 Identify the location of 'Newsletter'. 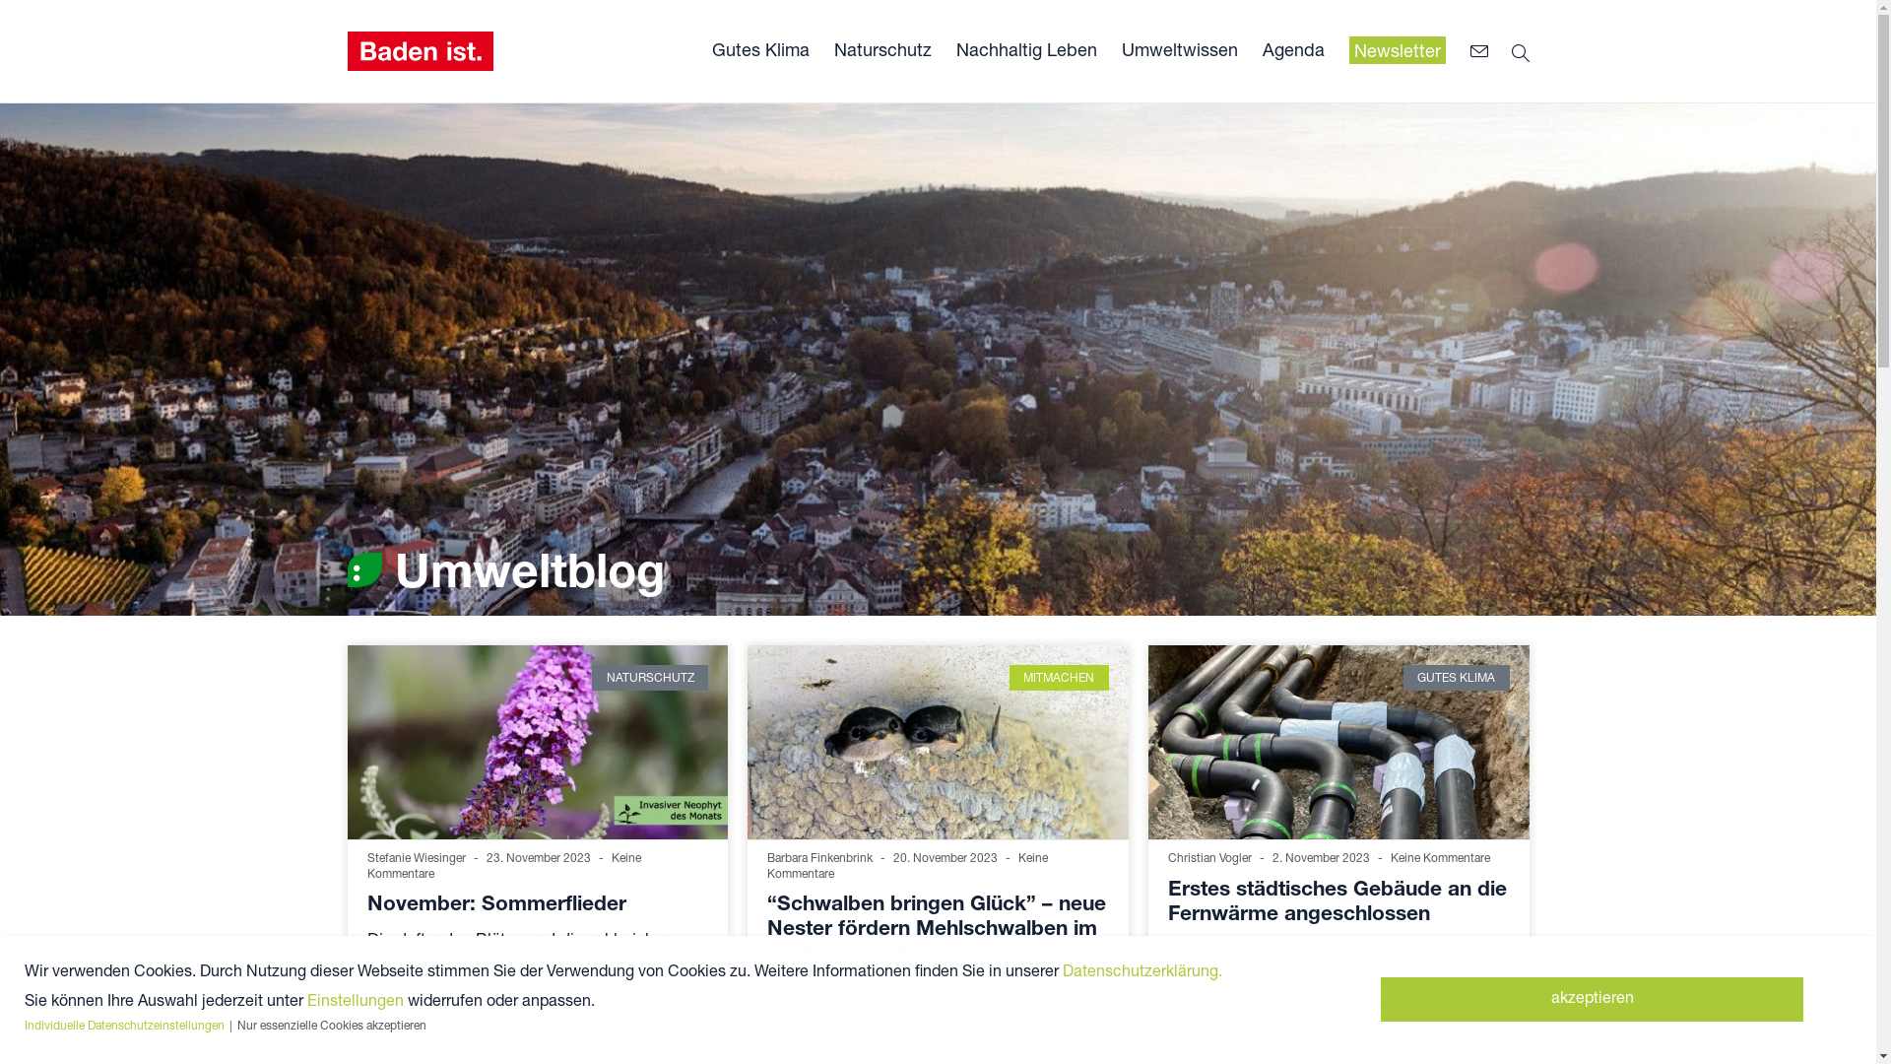
(1347, 49).